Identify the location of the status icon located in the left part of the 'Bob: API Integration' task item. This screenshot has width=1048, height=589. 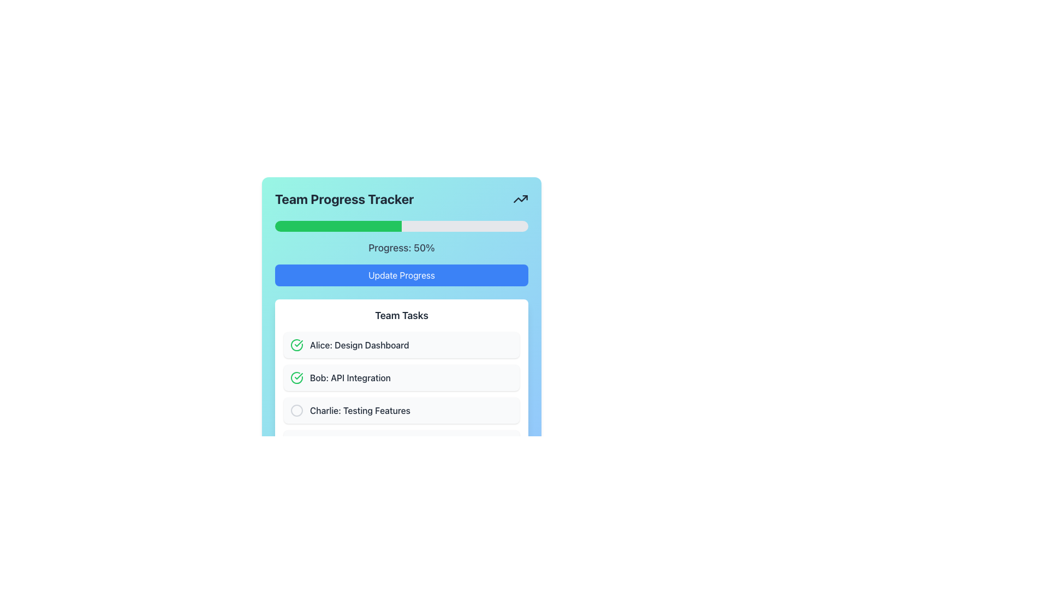
(296, 377).